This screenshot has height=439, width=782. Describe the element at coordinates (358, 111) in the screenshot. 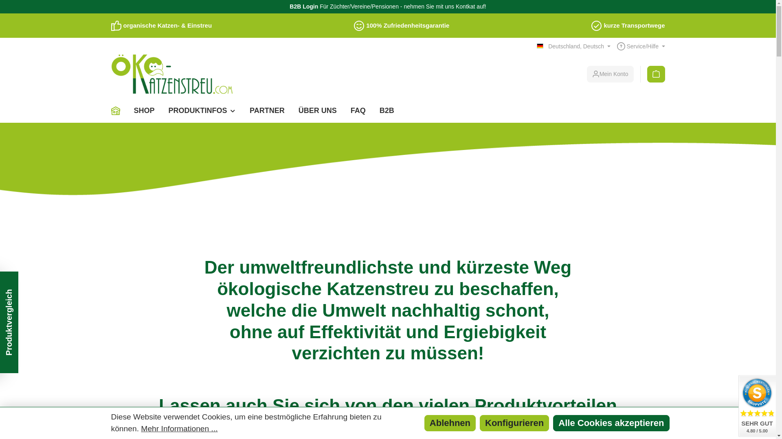

I see `'FAQ'` at that location.